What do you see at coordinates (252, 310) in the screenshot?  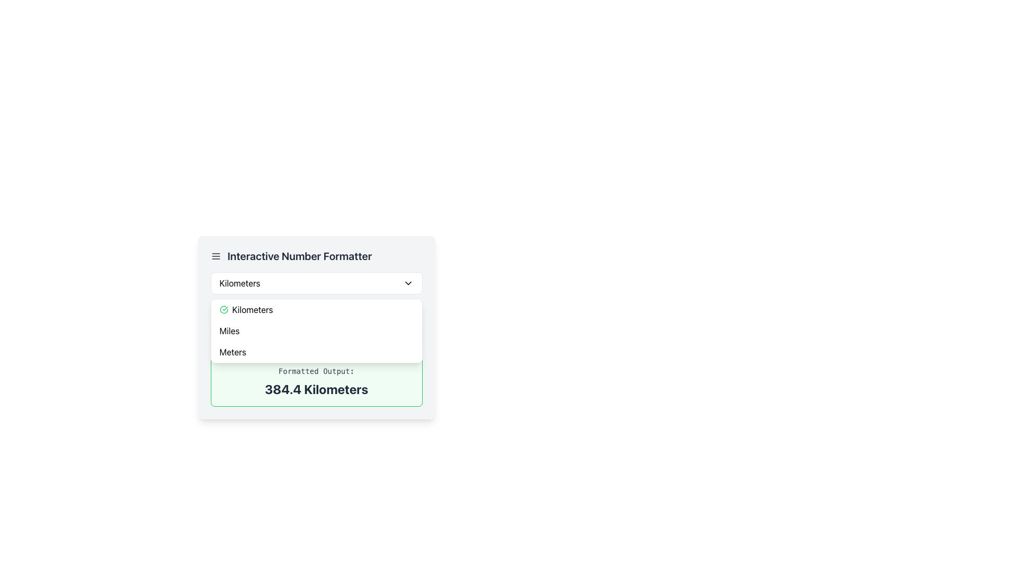 I see `the 'Kilometers' option in the dropdown menu` at bounding box center [252, 310].